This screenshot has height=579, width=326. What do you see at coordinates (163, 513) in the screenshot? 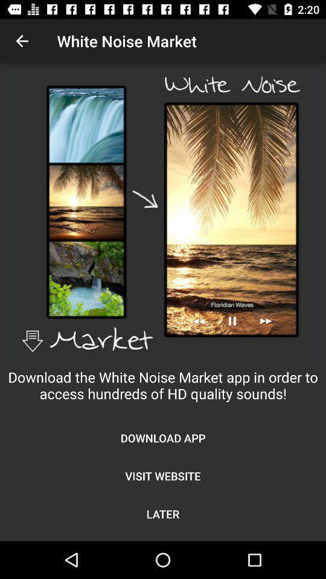
I see `the later icon` at bounding box center [163, 513].